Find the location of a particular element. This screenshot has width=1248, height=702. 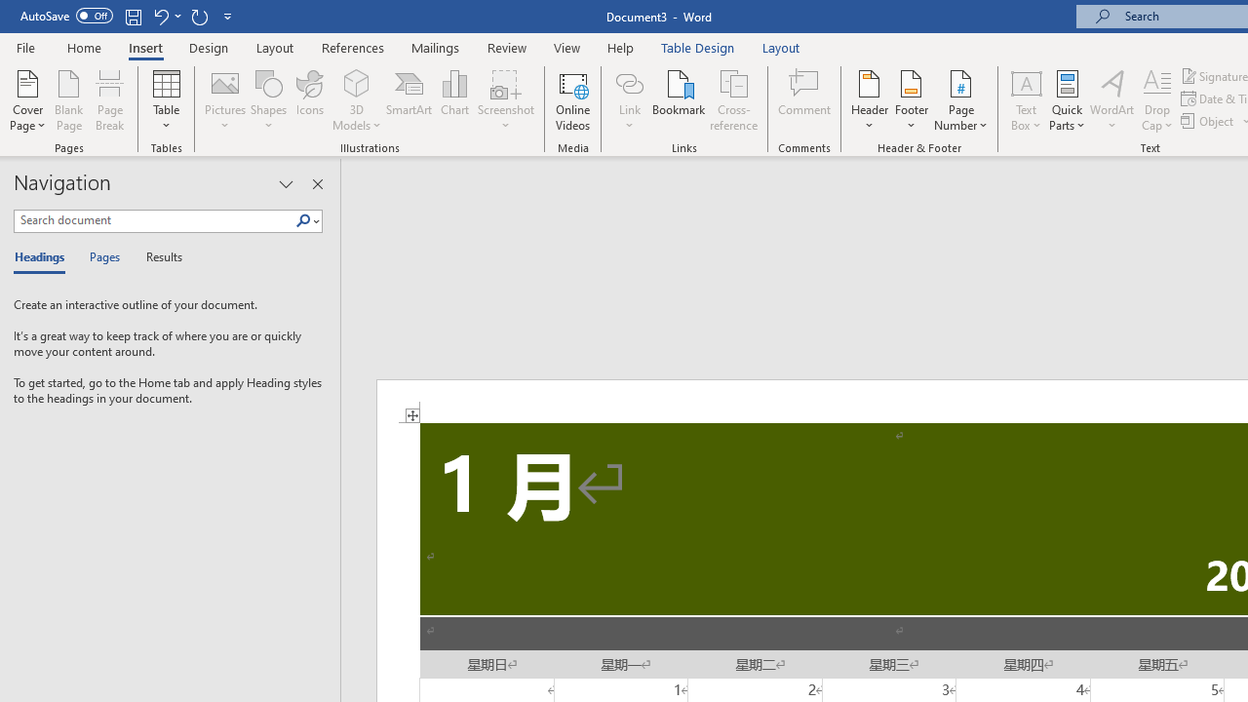

'Pictures' is located at coordinates (225, 100).